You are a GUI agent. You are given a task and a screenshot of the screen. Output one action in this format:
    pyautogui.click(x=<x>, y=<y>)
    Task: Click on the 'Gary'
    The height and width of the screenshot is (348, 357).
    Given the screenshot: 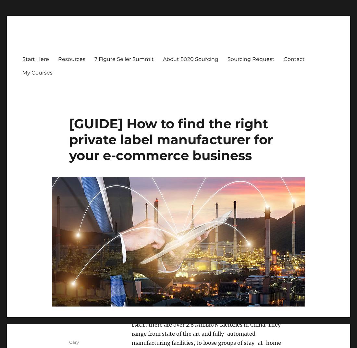 What is the action you would take?
    pyautogui.click(x=74, y=342)
    